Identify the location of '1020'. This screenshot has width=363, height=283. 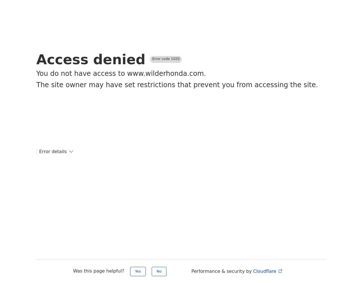
(175, 59).